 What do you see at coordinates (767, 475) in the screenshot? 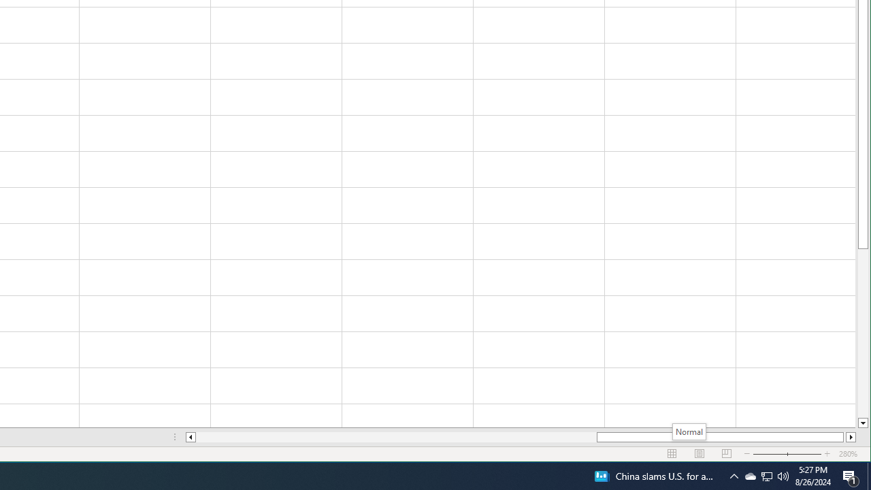
I see `'Notification Chevron'` at bounding box center [767, 475].